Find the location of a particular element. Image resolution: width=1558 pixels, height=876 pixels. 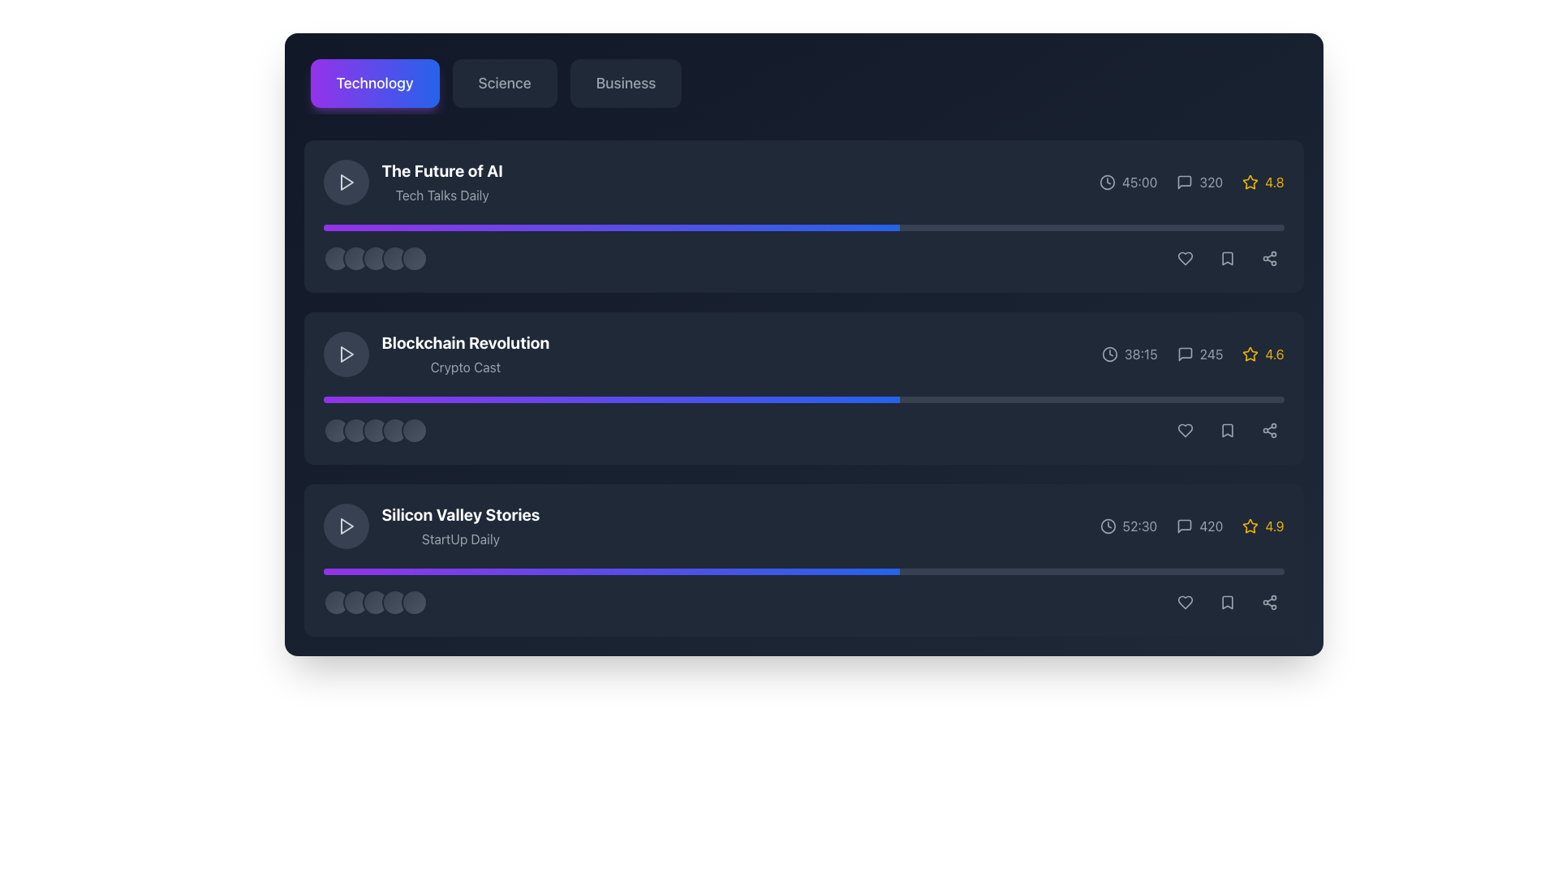

the like icon for the 'Blockchain Revolution' podcast is located at coordinates (1185, 258).